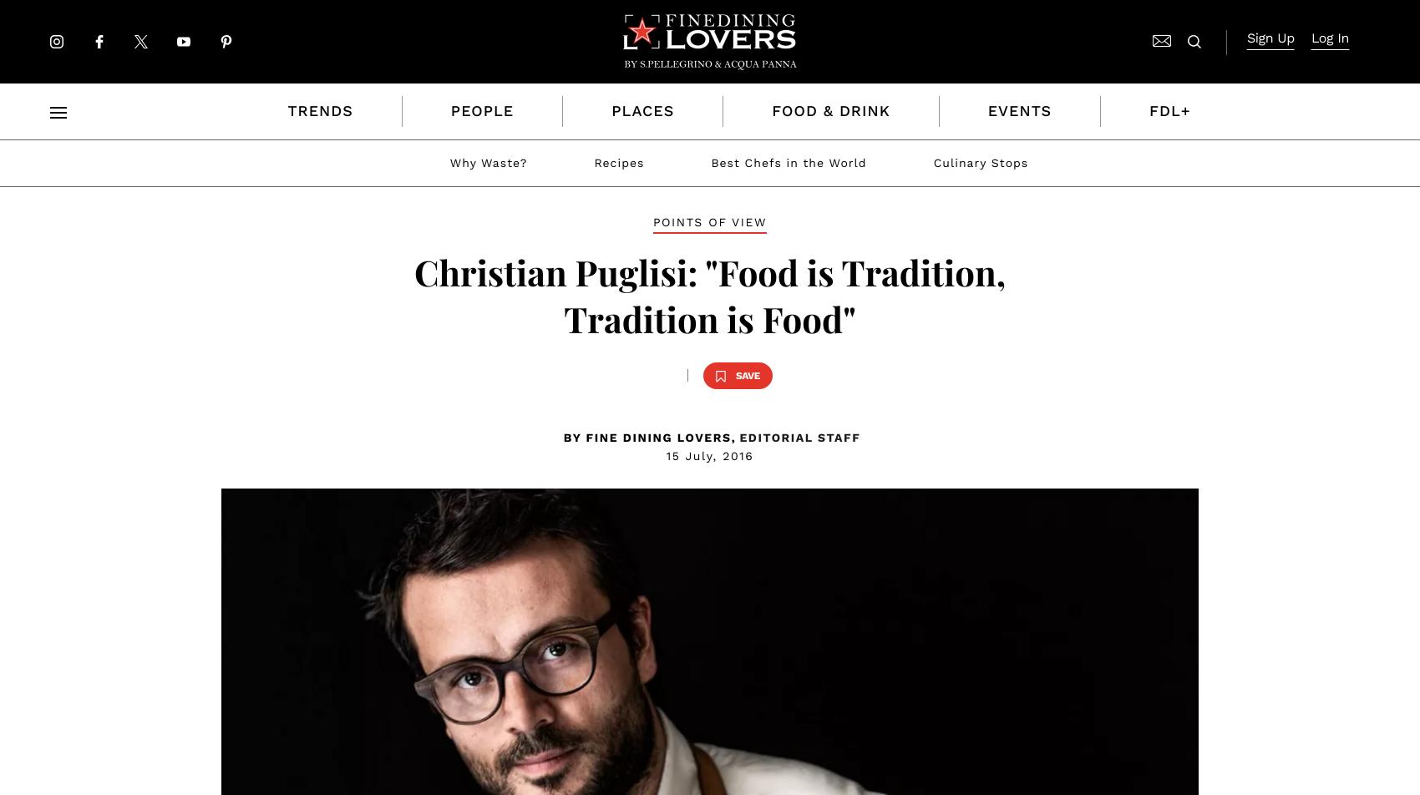  Describe the element at coordinates (571, 438) in the screenshot. I see `'BY'` at that location.